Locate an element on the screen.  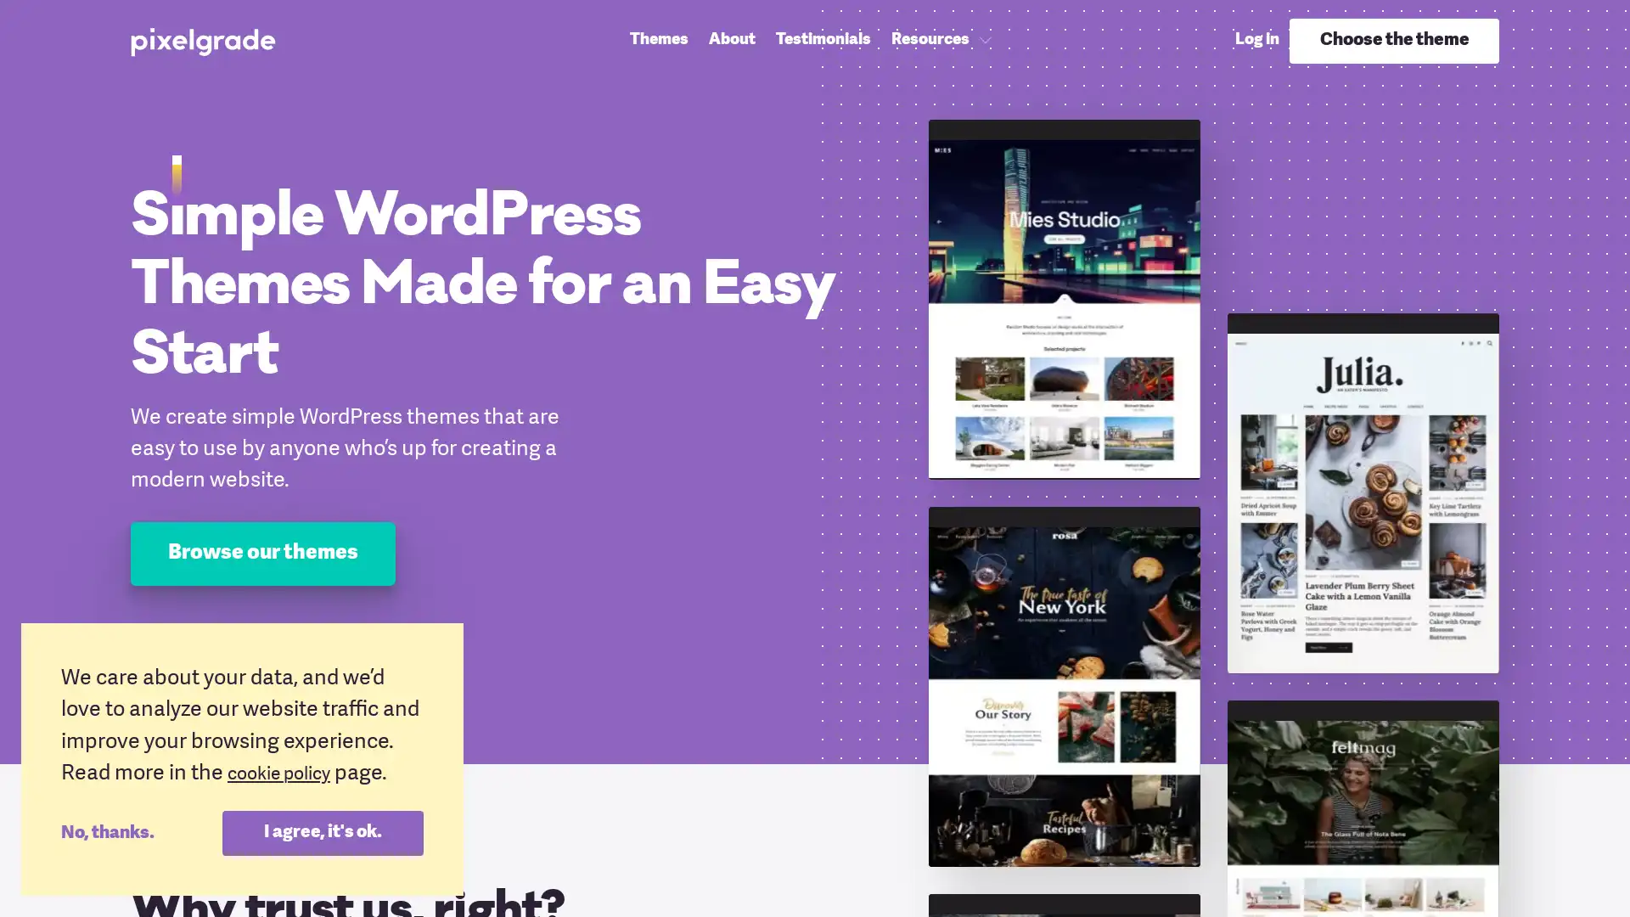
I agree, it's ok. is located at coordinates (322, 831).